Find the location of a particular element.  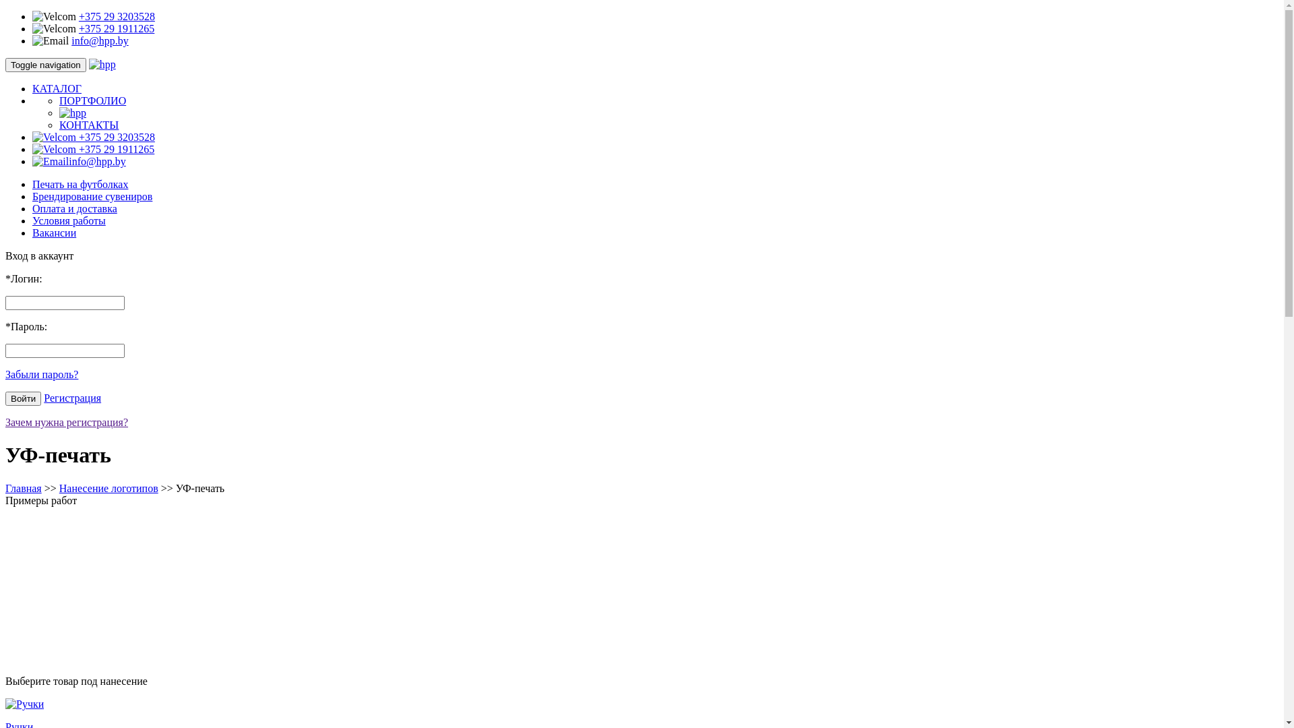

'+375 29 1911265' is located at coordinates (116, 28).